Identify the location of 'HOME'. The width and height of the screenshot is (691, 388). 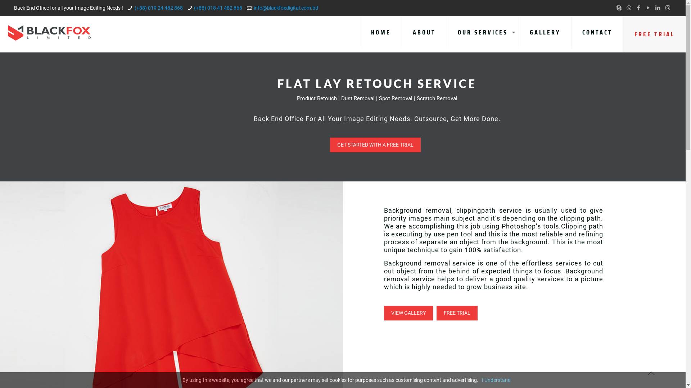
(380, 32).